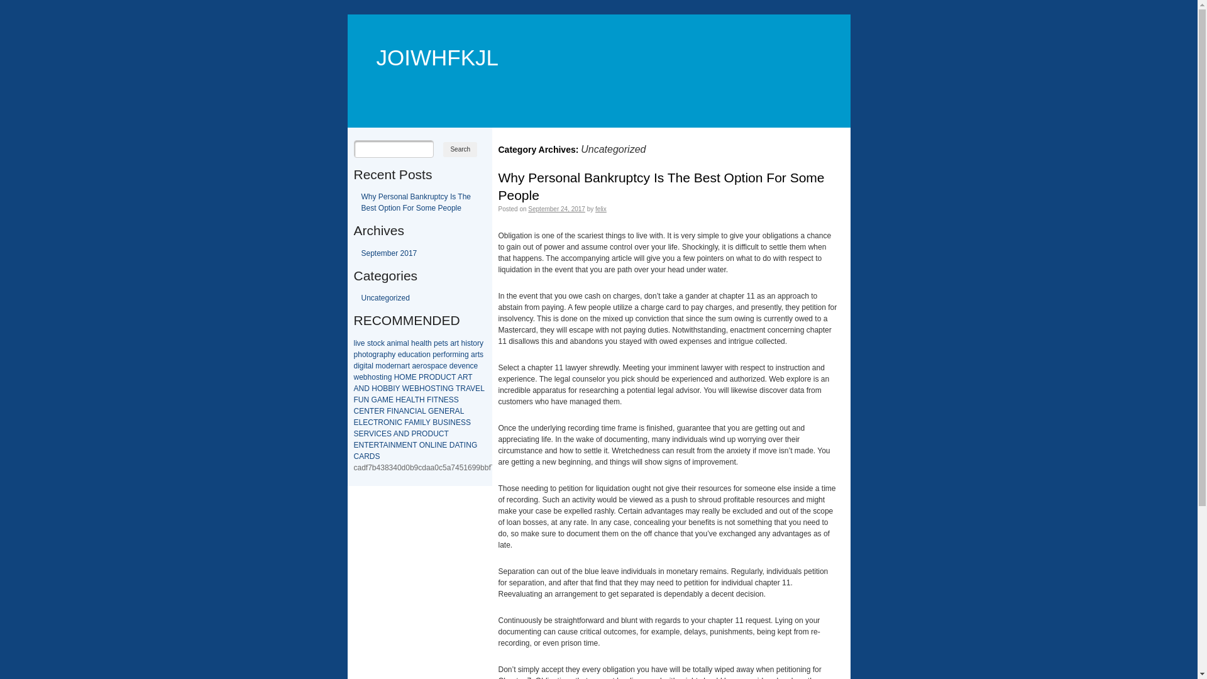 The width and height of the screenshot is (1207, 679). I want to click on 'R', so click(380, 422).